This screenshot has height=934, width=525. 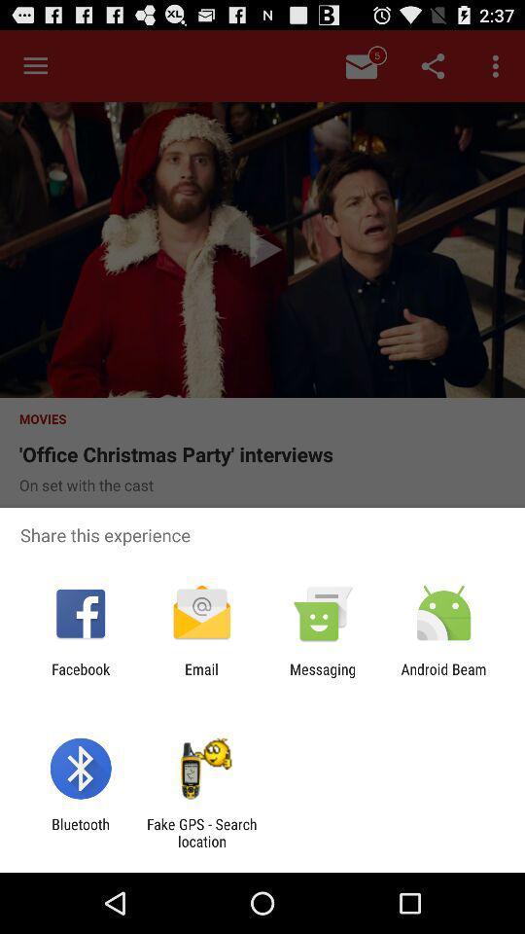 What do you see at coordinates (80, 832) in the screenshot?
I see `the app next to fake gps search icon` at bounding box center [80, 832].